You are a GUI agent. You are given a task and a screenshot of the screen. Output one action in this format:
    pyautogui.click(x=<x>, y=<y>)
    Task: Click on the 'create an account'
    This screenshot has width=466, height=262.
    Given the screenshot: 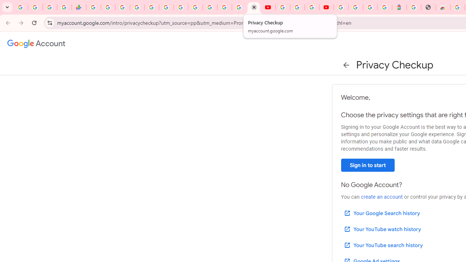 What is the action you would take?
    pyautogui.click(x=381, y=197)
    